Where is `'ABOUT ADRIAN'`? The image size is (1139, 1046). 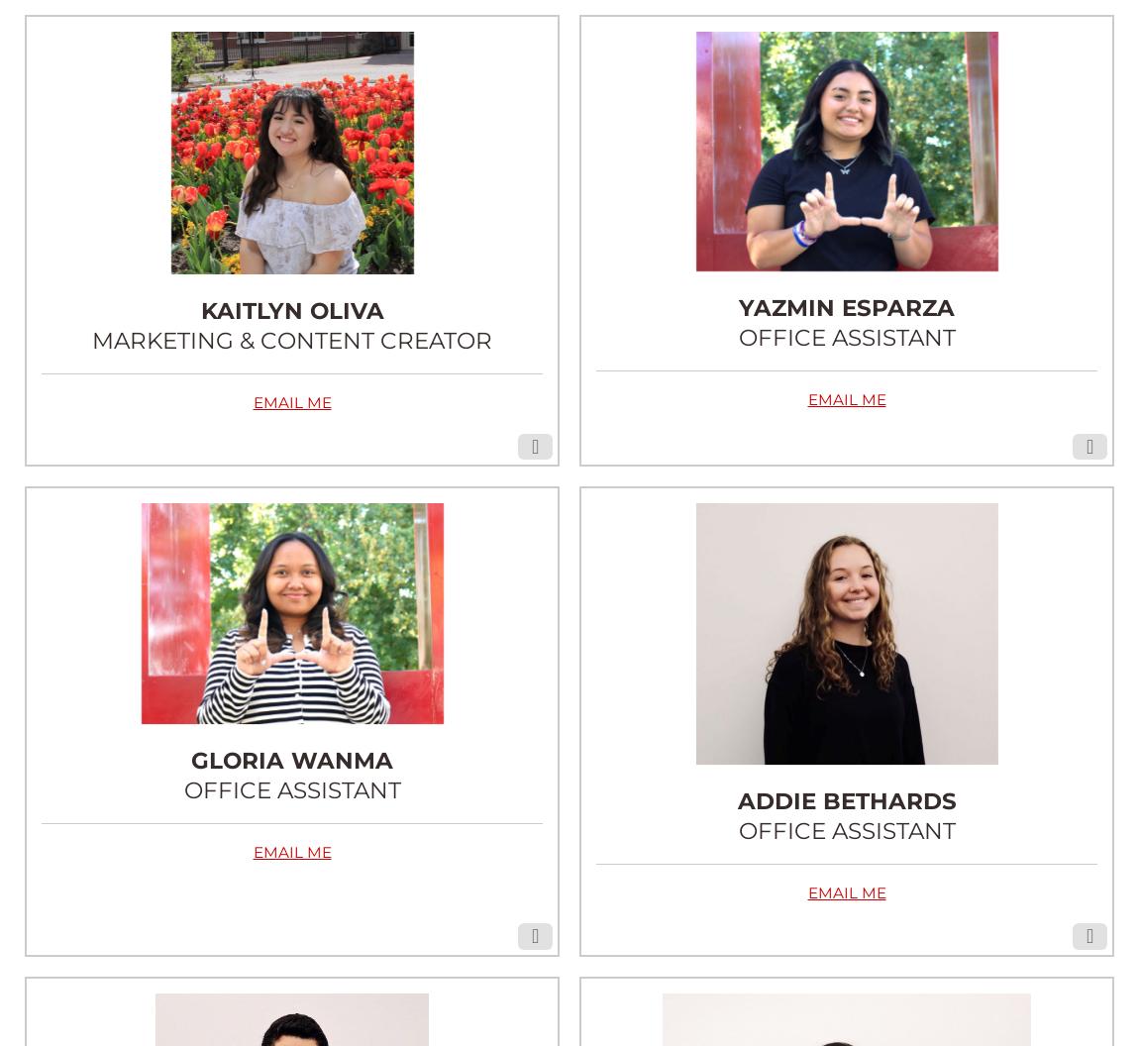
'ABOUT ADRIAN' is located at coordinates (291, 1002).